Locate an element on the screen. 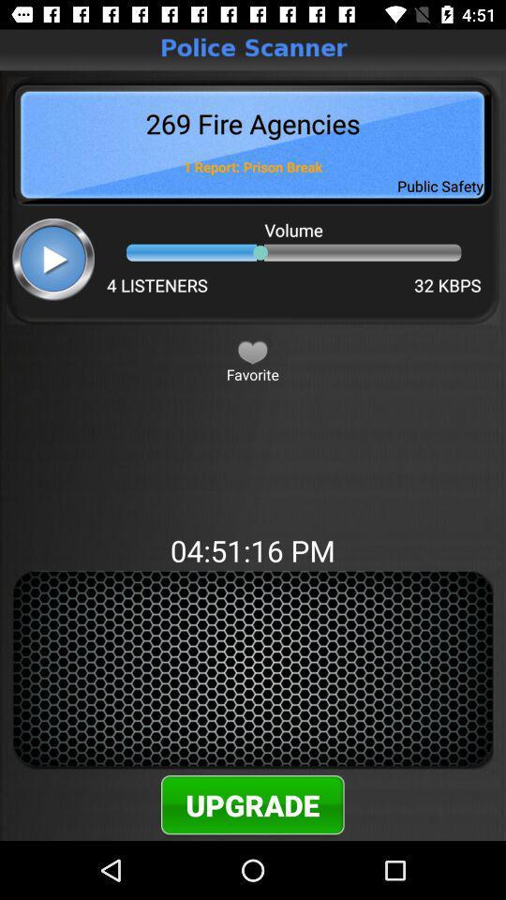 This screenshot has height=900, width=506. icon below the 269 fire agencies item is located at coordinates (53, 258).